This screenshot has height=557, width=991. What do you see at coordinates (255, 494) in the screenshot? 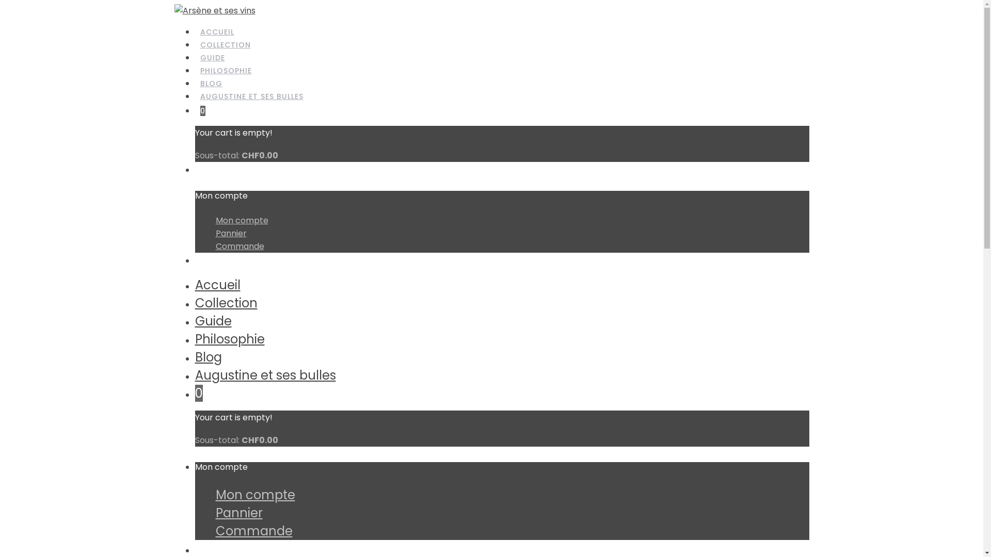
I see `'Mon compte'` at bounding box center [255, 494].